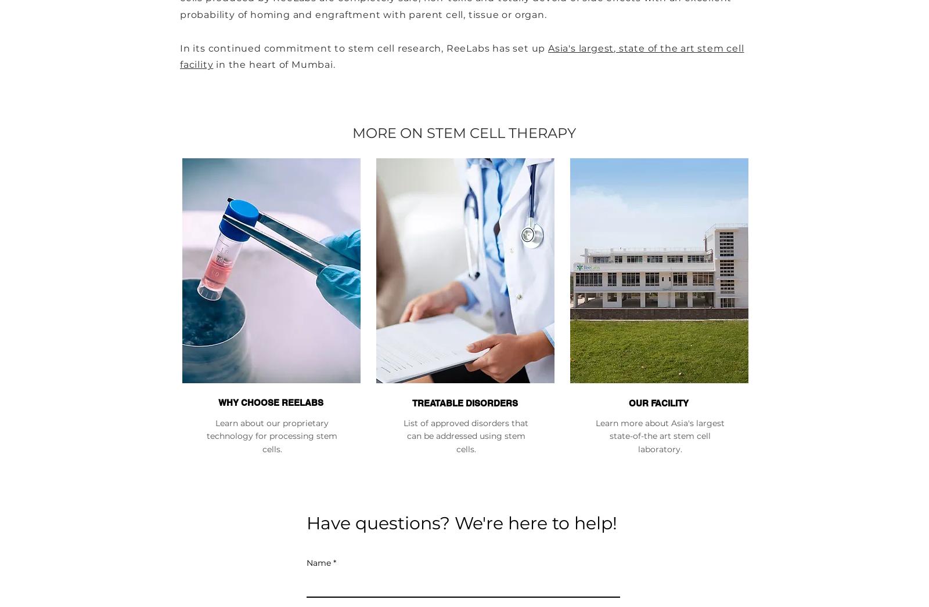  I want to click on 'Asia's largest, state of the art stem cell facility', so click(462, 55).